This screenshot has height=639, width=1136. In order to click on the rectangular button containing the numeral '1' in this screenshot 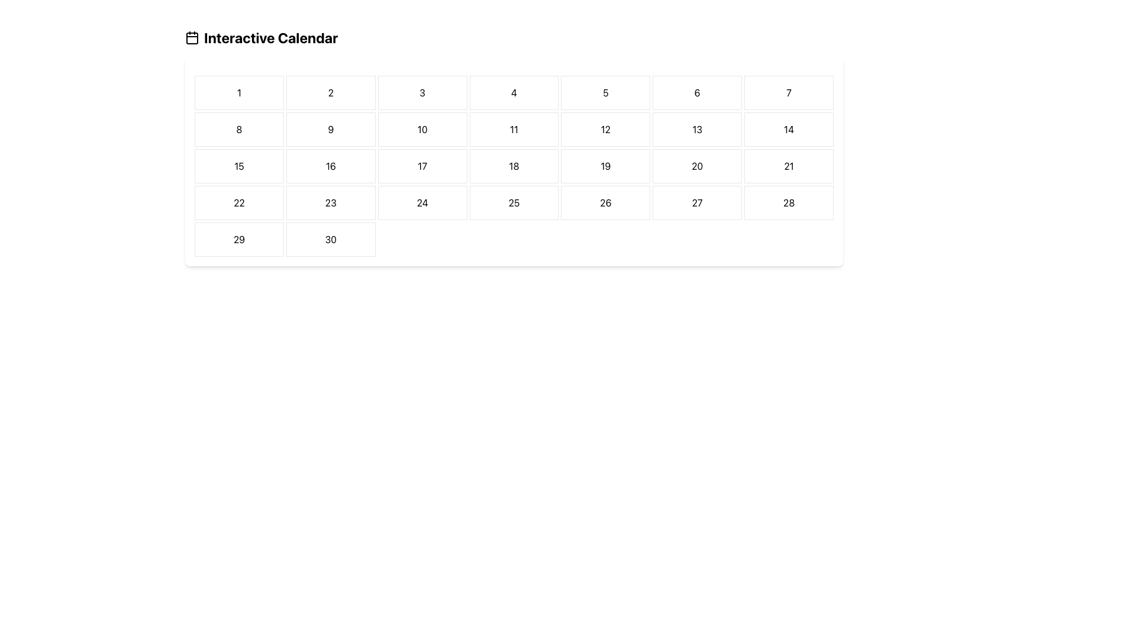, I will do `click(238, 92)`.